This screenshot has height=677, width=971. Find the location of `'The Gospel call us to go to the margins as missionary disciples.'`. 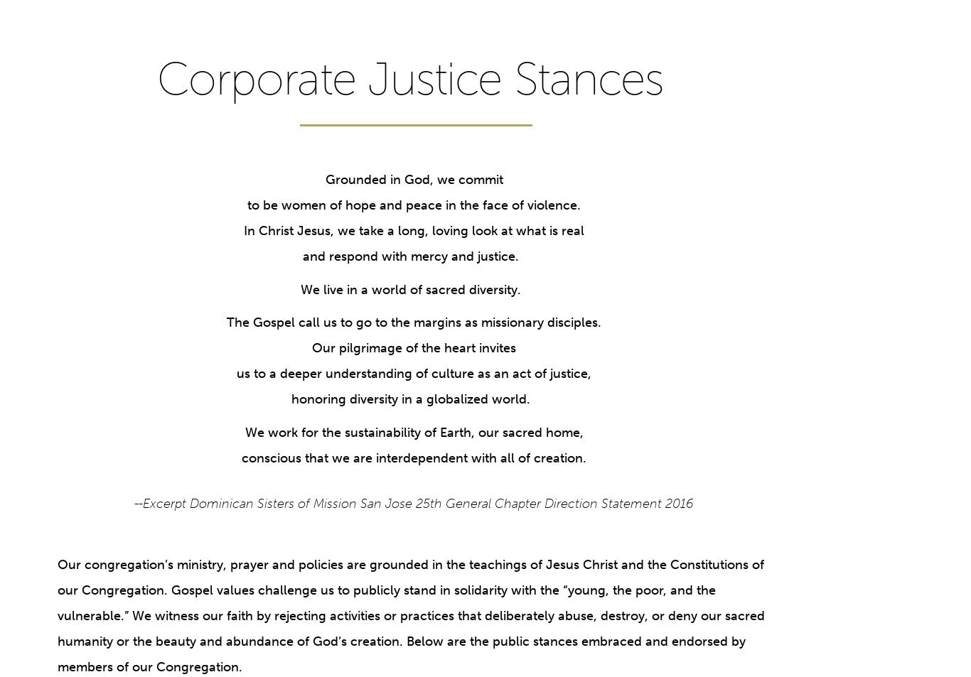

'The Gospel call us to go to the margins as missionary disciples.' is located at coordinates (413, 322).